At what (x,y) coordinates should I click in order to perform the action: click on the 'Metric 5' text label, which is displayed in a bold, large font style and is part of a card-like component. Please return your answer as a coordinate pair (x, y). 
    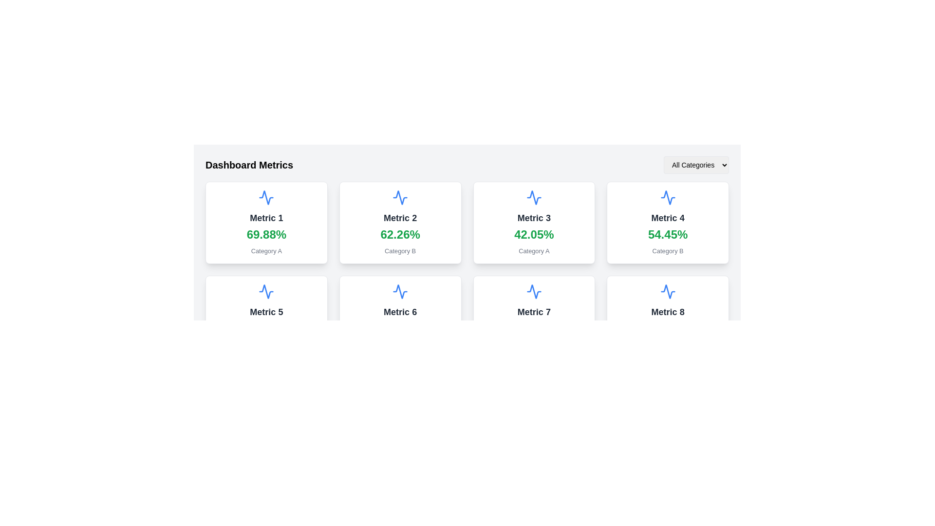
    Looking at the image, I should click on (266, 312).